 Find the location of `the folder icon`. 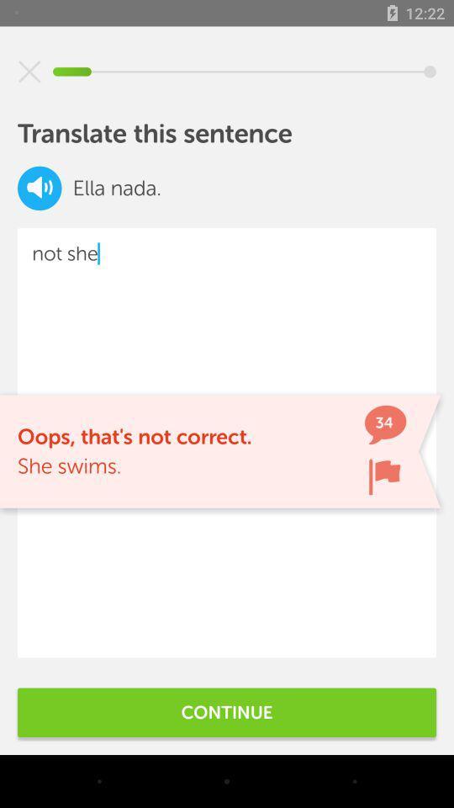

the folder icon is located at coordinates (384, 476).